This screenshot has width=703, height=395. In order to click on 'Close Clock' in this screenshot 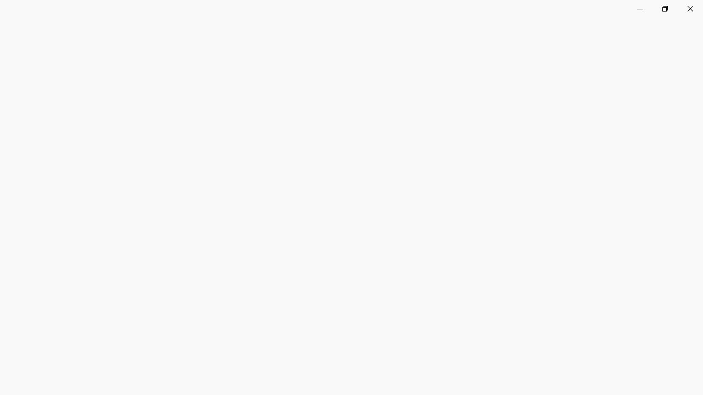, I will do `click(689, 8)`.